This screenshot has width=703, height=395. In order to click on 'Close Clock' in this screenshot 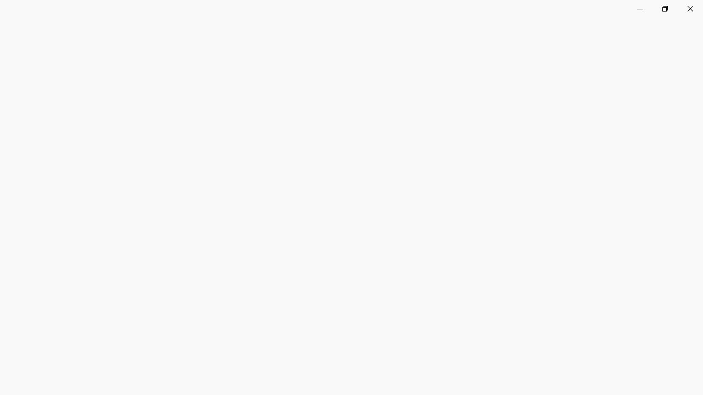, I will do `click(689, 8)`.